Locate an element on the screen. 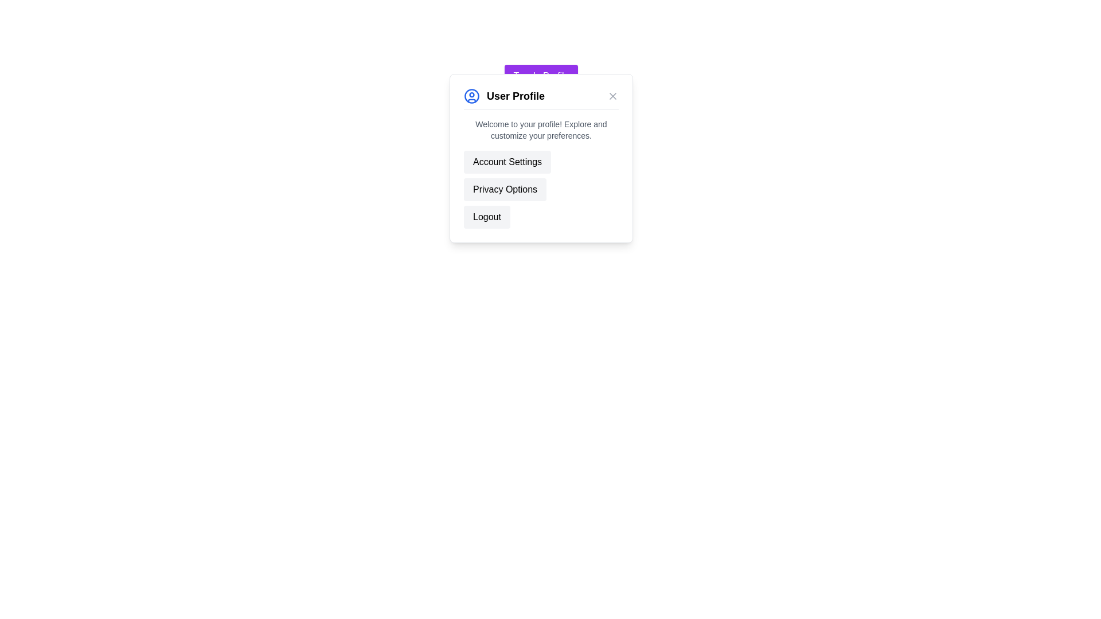 The image size is (1101, 619). the 'Privacy Options' button in the navigation menu located within the modal interface towards the center-right, below the user profile welcome message is located at coordinates (541, 189).